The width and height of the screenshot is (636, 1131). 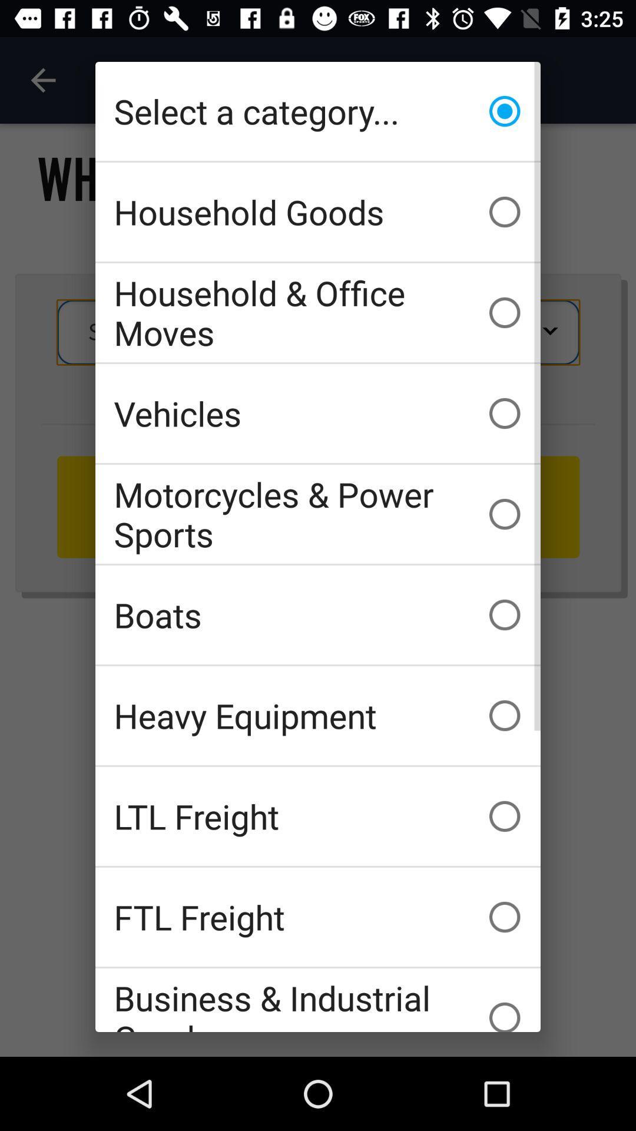 I want to click on motorcycles & power sports item, so click(x=318, y=514).